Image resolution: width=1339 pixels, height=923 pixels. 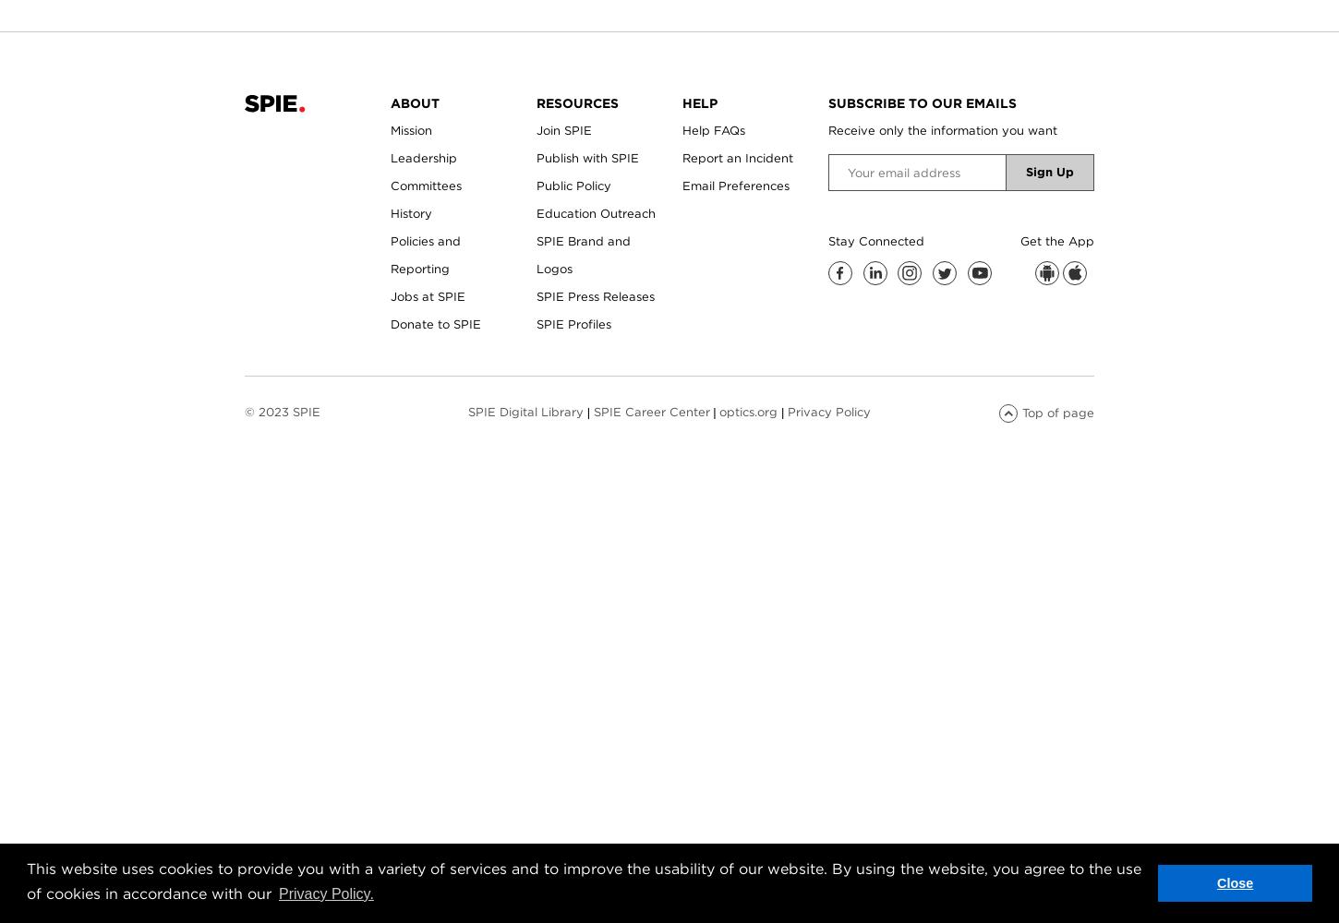 I want to click on 'Jobs at SPIE', so click(x=427, y=295).